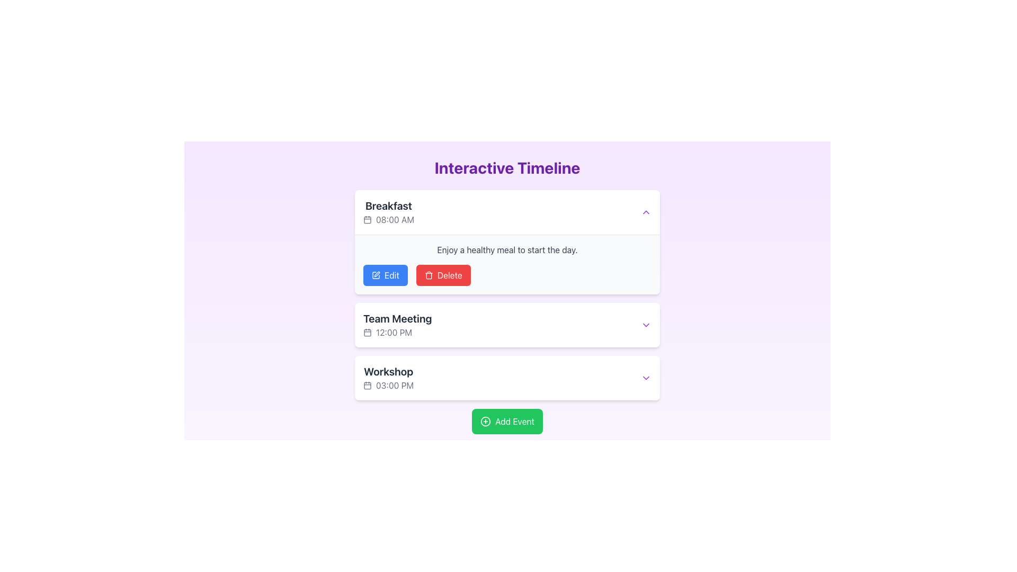 This screenshot has height=572, width=1017. What do you see at coordinates (368, 386) in the screenshot?
I see `the date or time Icon located leftmost` at bounding box center [368, 386].